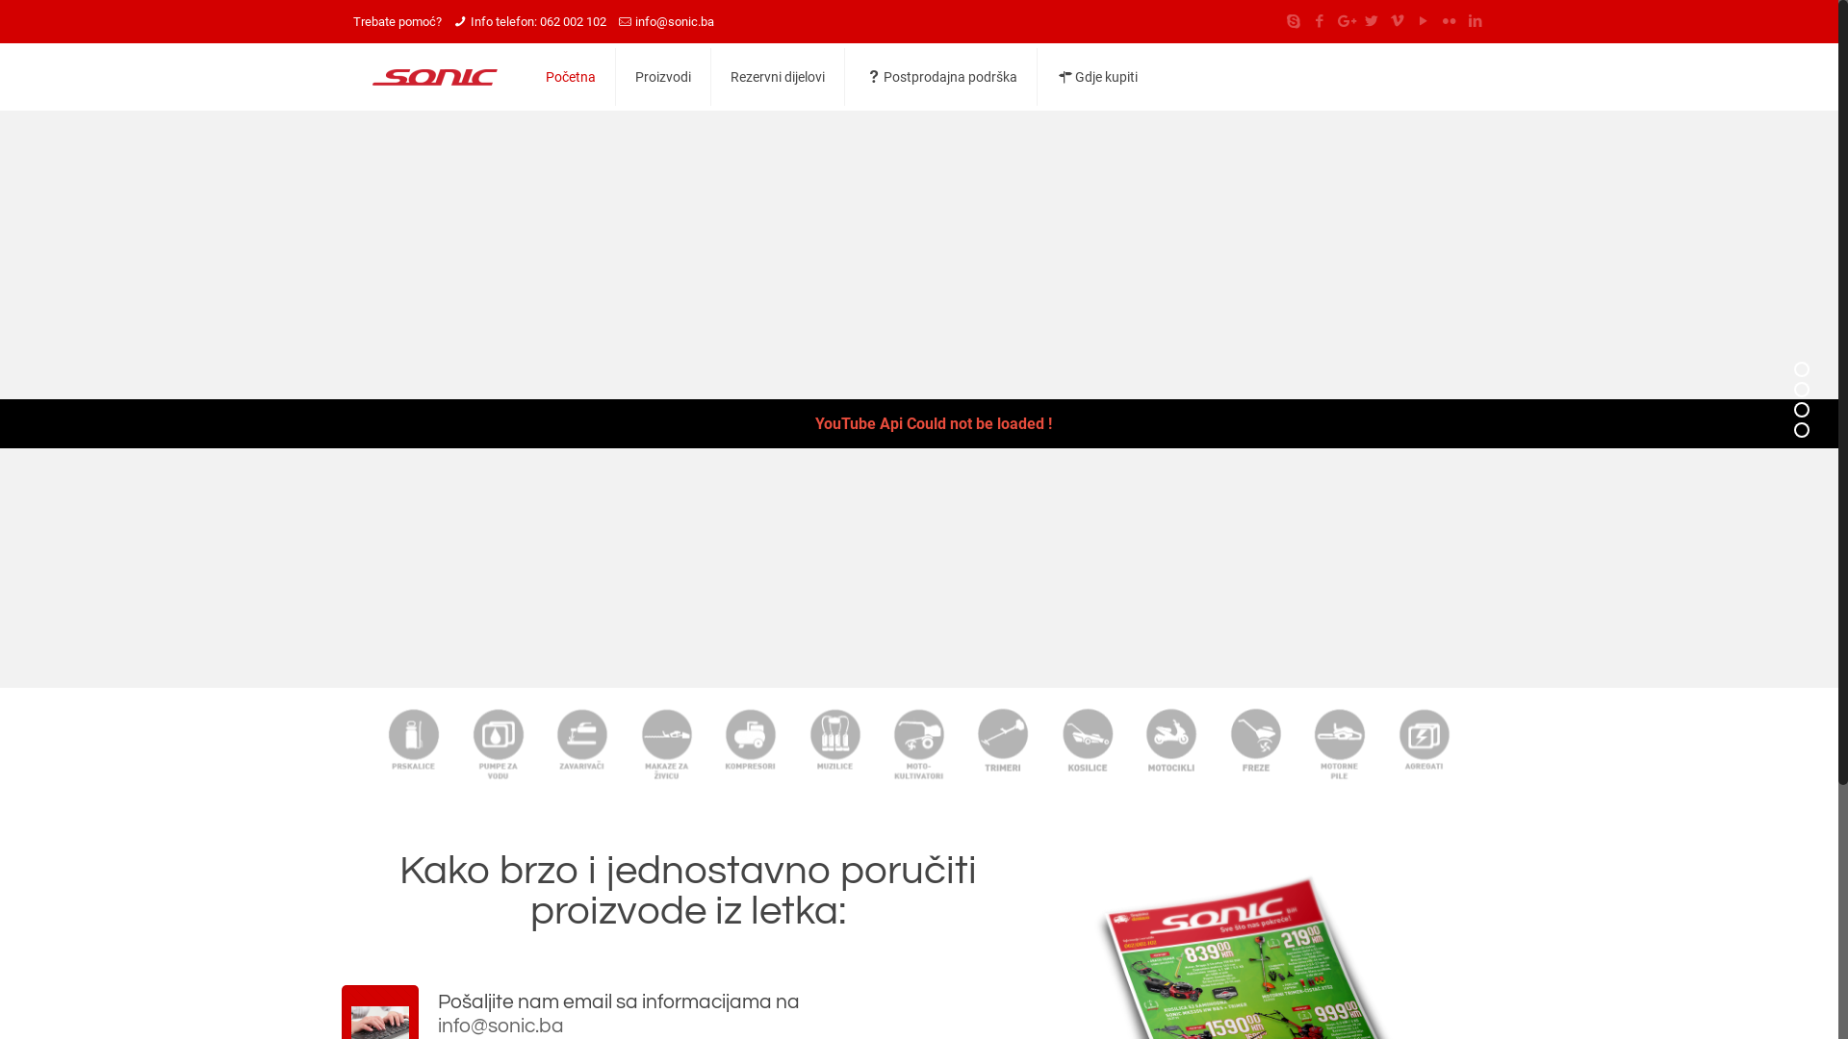 The width and height of the screenshot is (1848, 1039). What do you see at coordinates (1397, 21) in the screenshot?
I see `'Vimeo'` at bounding box center [1397, 21].